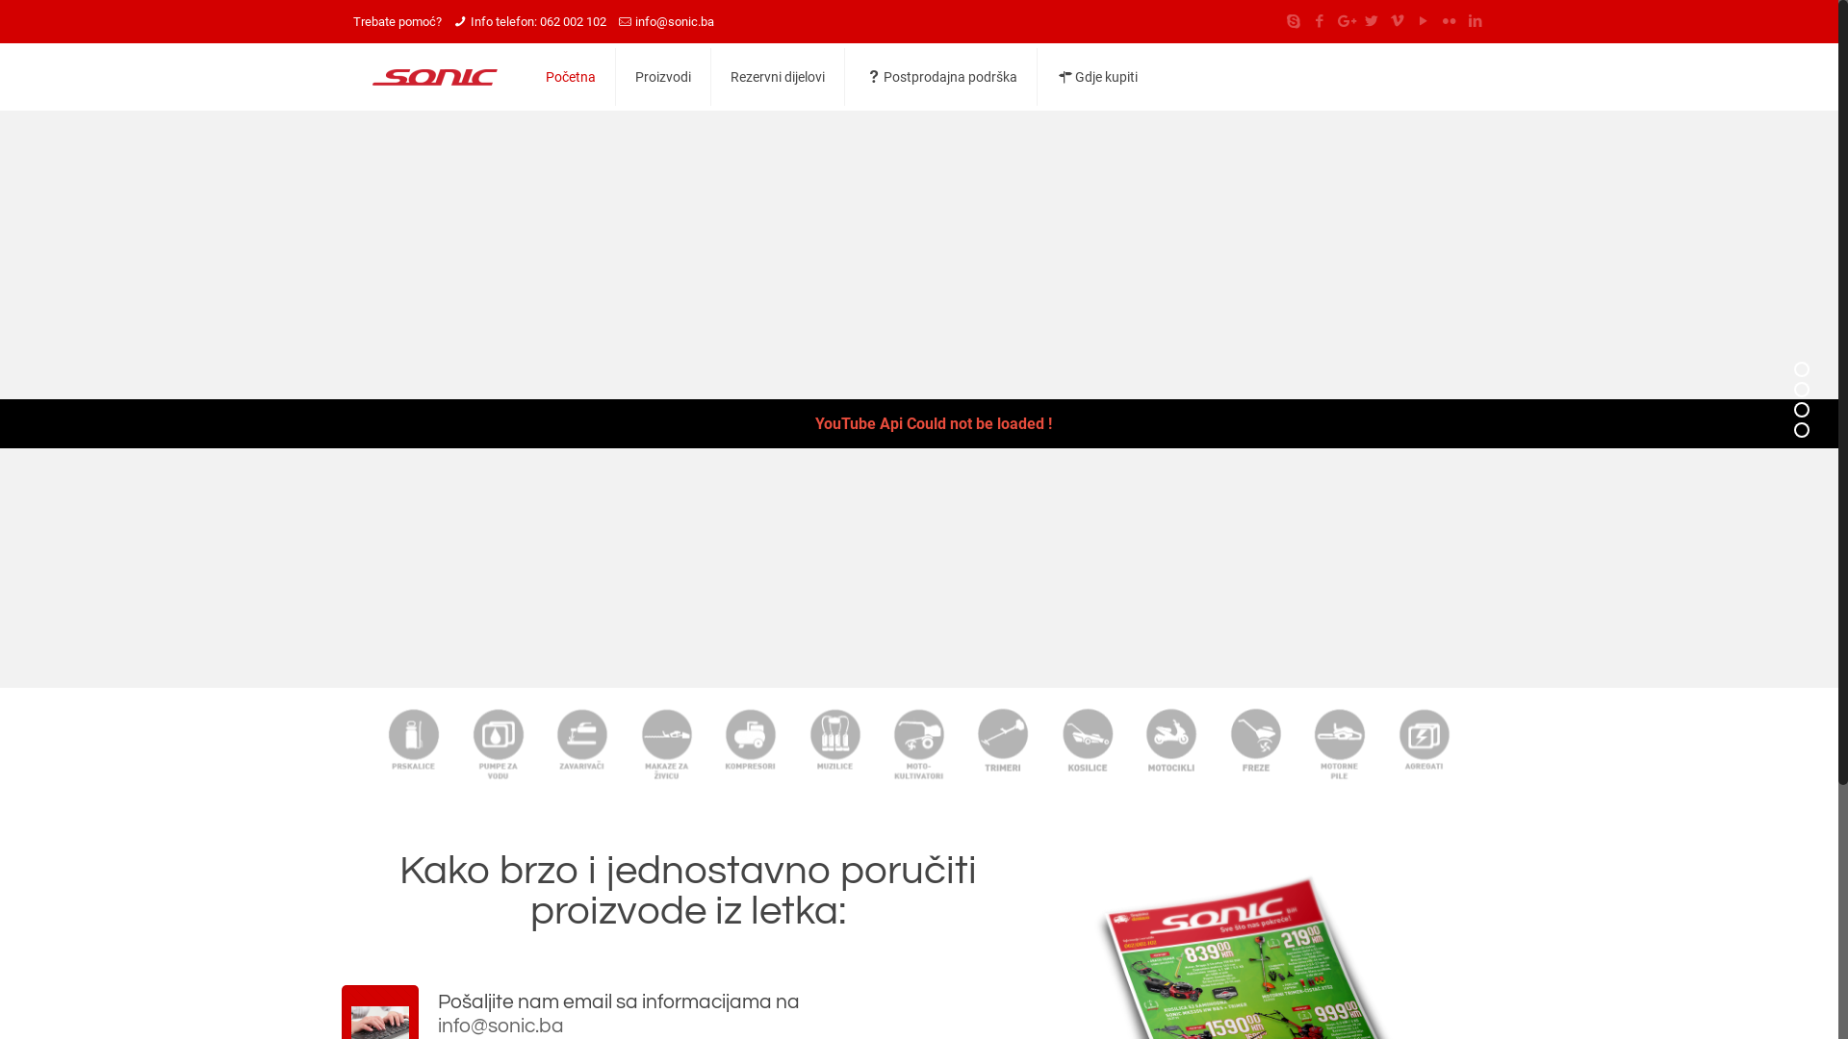 The width and height of the screenshot is (1848, 1039). What do you see at coordinates (1397, 21) in the screenshot?
I see `'Vimeo'` at bounding box center [1397, 21].